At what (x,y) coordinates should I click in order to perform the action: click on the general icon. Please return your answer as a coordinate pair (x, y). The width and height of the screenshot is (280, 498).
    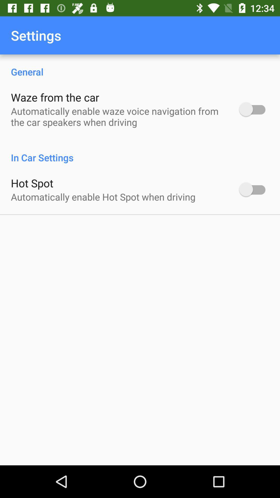
    Looking at the image, I should click on (140, 66).